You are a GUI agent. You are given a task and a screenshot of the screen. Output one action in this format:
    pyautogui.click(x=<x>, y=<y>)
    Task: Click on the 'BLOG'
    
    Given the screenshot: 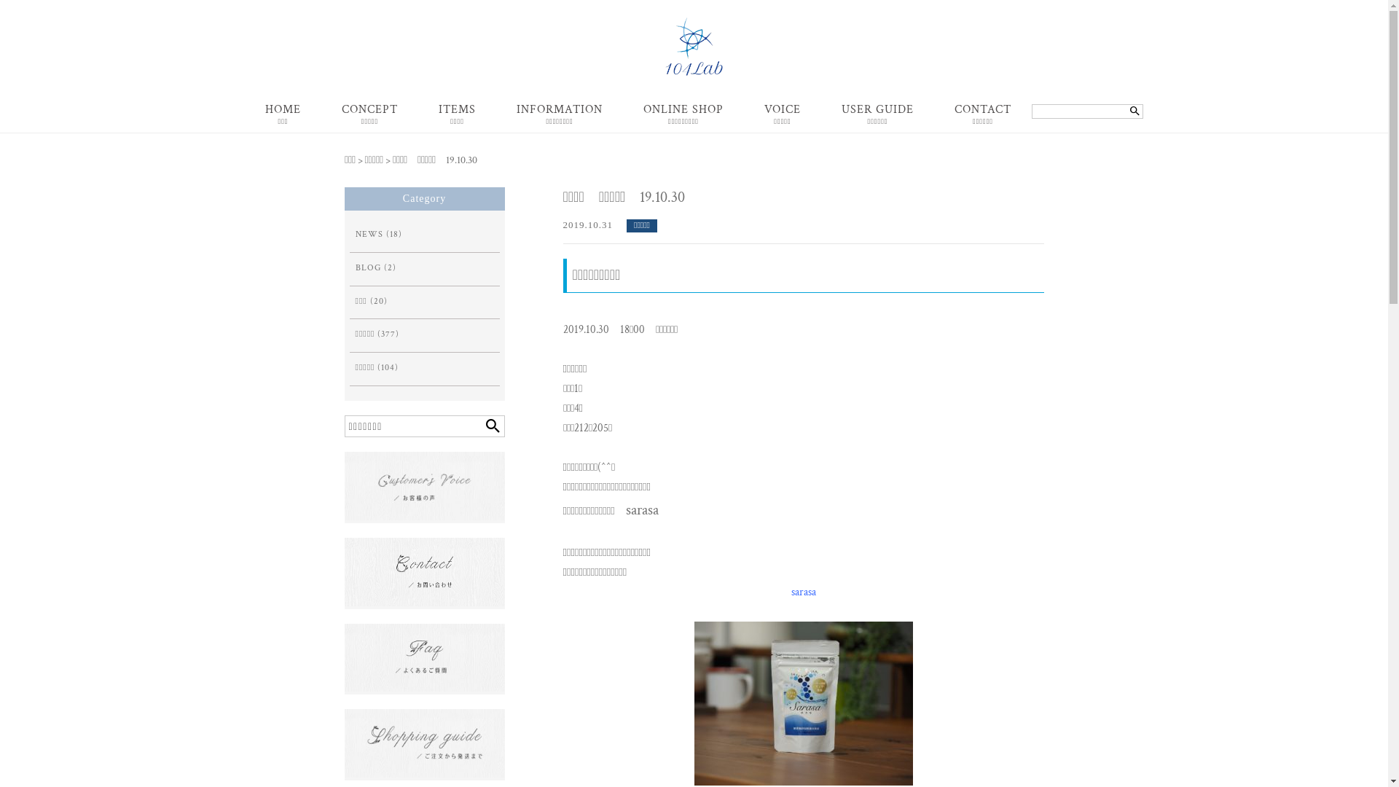 What is the action you would take?
    pyautogui.click(x=368, y=268)
    